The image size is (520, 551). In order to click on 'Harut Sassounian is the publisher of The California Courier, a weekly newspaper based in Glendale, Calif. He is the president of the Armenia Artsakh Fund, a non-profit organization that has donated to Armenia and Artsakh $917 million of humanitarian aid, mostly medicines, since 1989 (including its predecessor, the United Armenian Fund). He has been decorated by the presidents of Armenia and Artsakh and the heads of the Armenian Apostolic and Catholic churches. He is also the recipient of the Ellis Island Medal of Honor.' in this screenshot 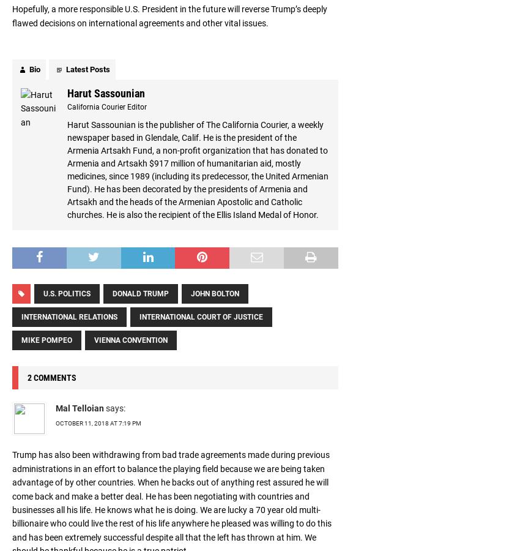, I will do `click(198, 168)`.